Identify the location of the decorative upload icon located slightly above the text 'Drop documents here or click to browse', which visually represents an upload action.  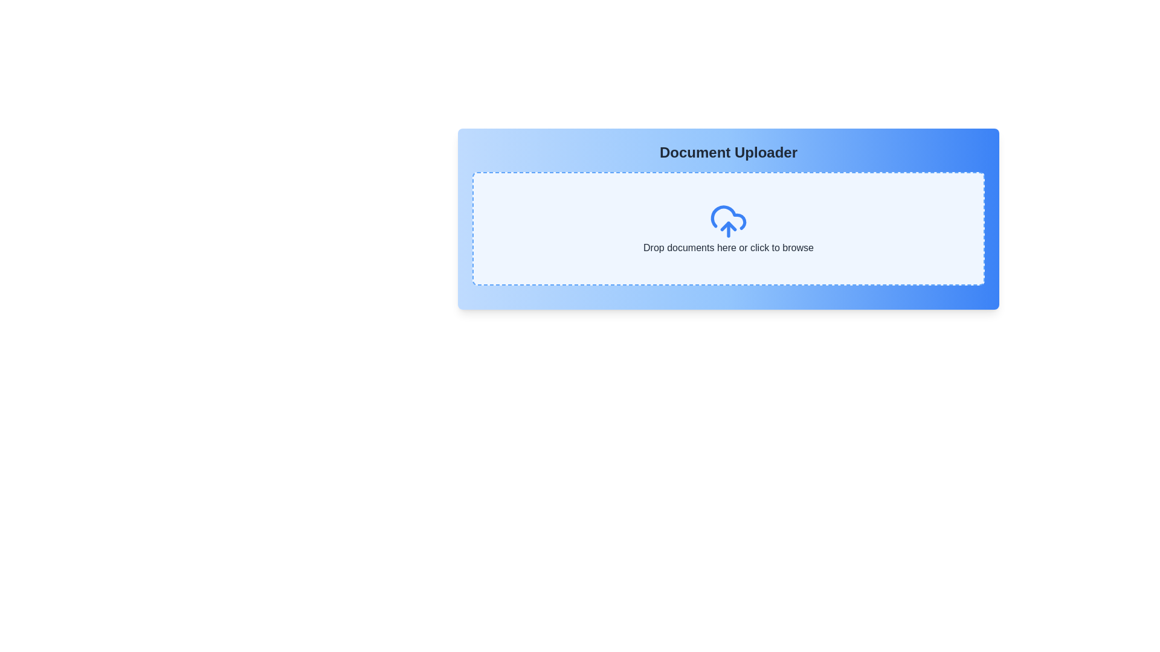
(727, 221).